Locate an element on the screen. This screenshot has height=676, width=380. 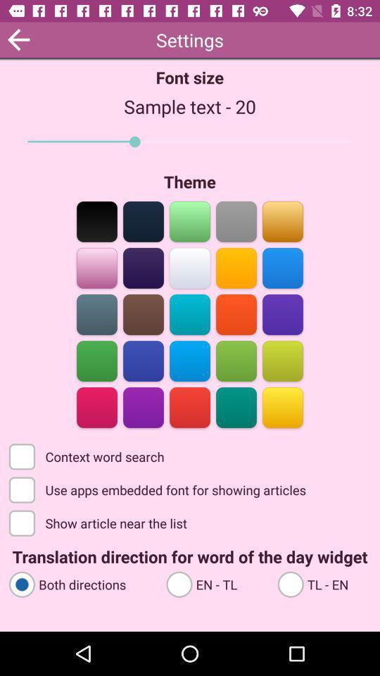
item to the left of the en - tl icon is located at coordinates (81, 584).